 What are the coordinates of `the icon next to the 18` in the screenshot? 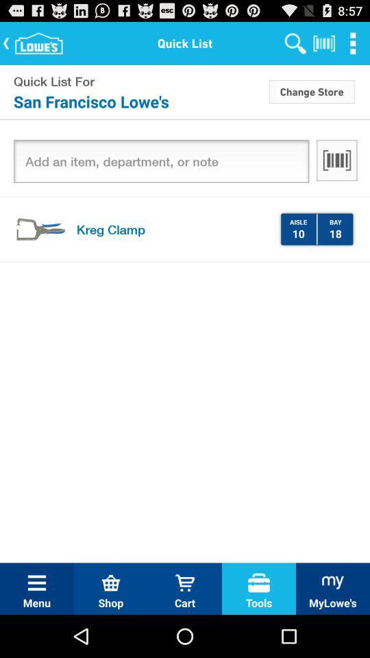 It's located at (317, 229).